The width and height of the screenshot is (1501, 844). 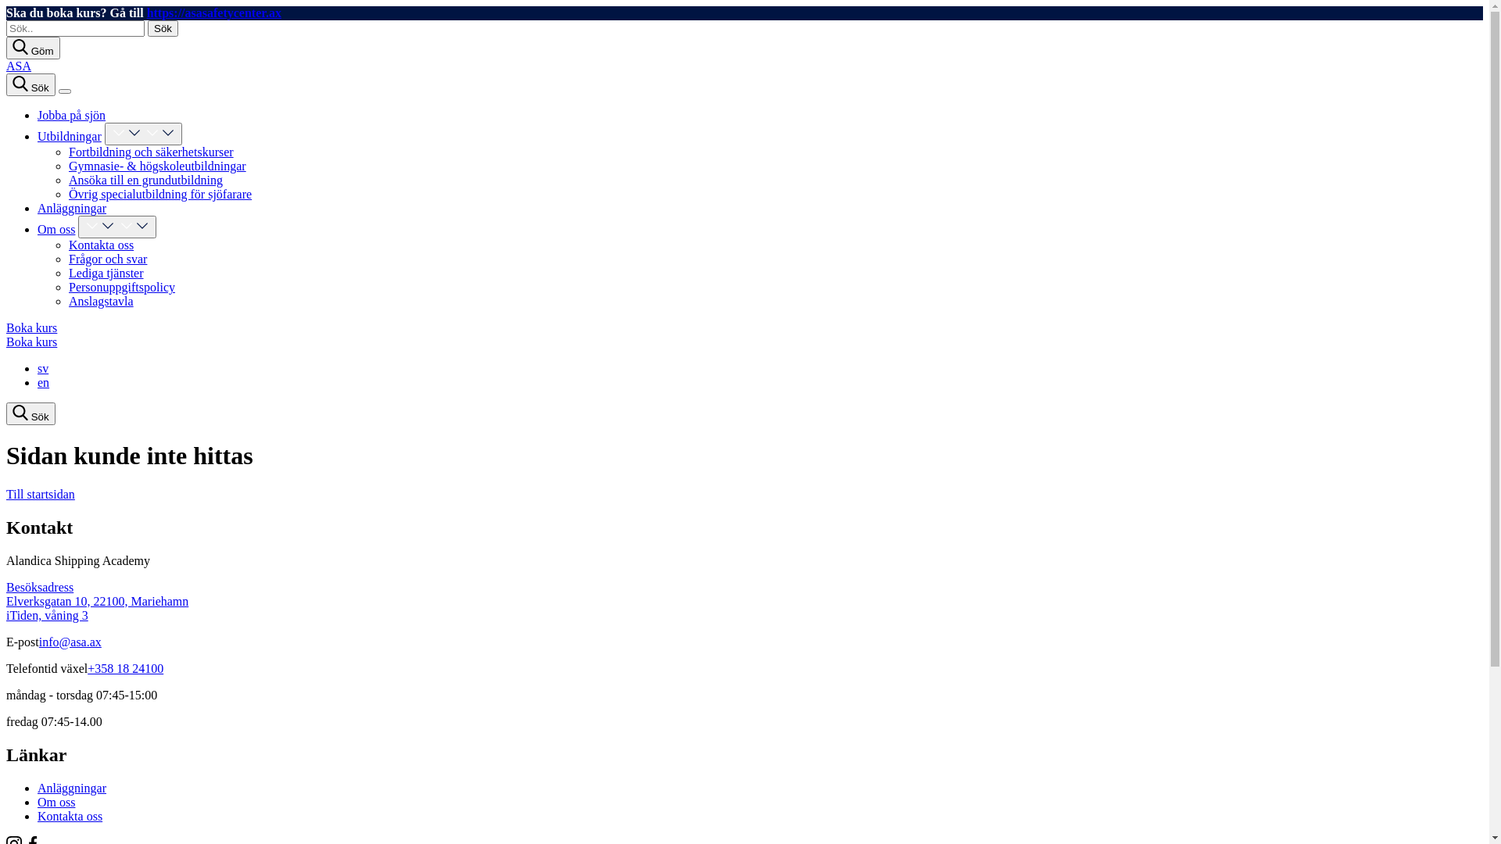 I want to click on 'Personuppgiftspolicy', so click(x=121, y=287).